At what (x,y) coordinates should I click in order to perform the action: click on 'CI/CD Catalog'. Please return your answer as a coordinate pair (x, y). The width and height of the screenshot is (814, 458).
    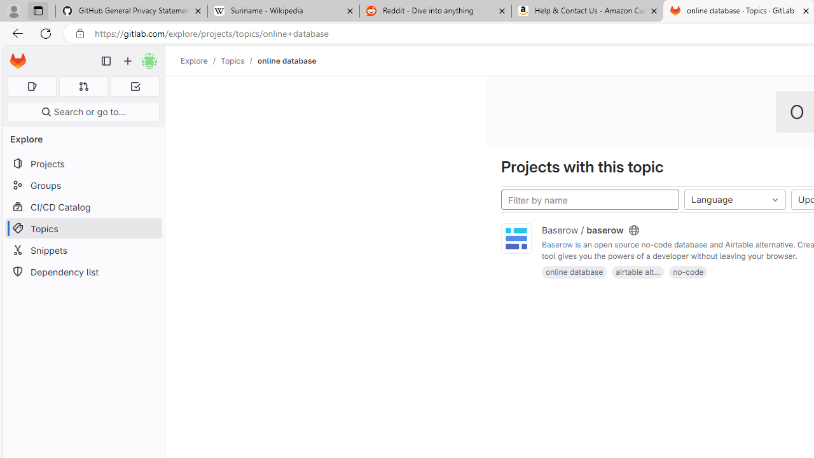
    Looking at the image, I should click on (83, 206).